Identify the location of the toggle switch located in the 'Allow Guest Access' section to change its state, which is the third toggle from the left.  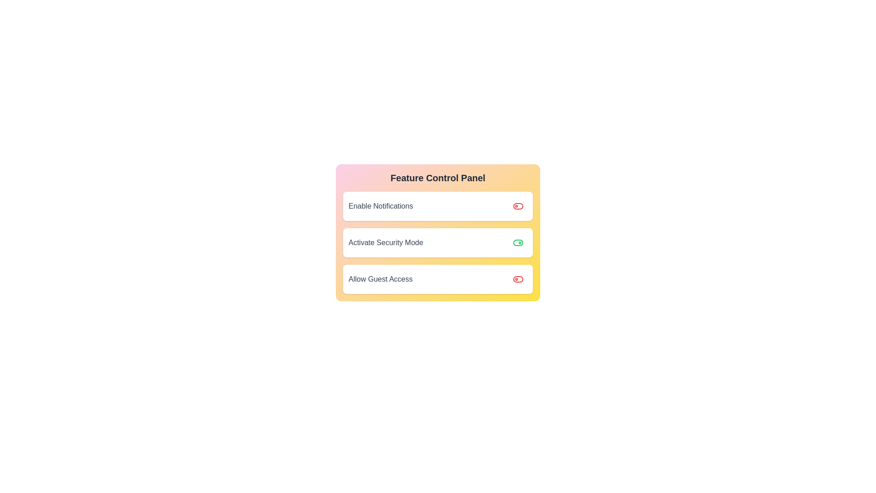
(518, 279).